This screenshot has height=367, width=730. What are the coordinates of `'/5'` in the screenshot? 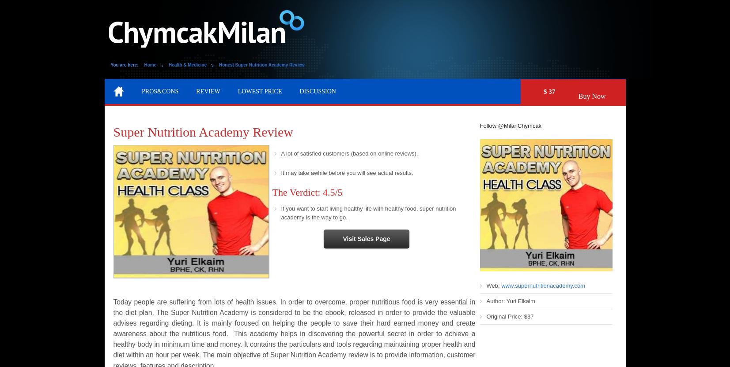 It's located at (338, 191).